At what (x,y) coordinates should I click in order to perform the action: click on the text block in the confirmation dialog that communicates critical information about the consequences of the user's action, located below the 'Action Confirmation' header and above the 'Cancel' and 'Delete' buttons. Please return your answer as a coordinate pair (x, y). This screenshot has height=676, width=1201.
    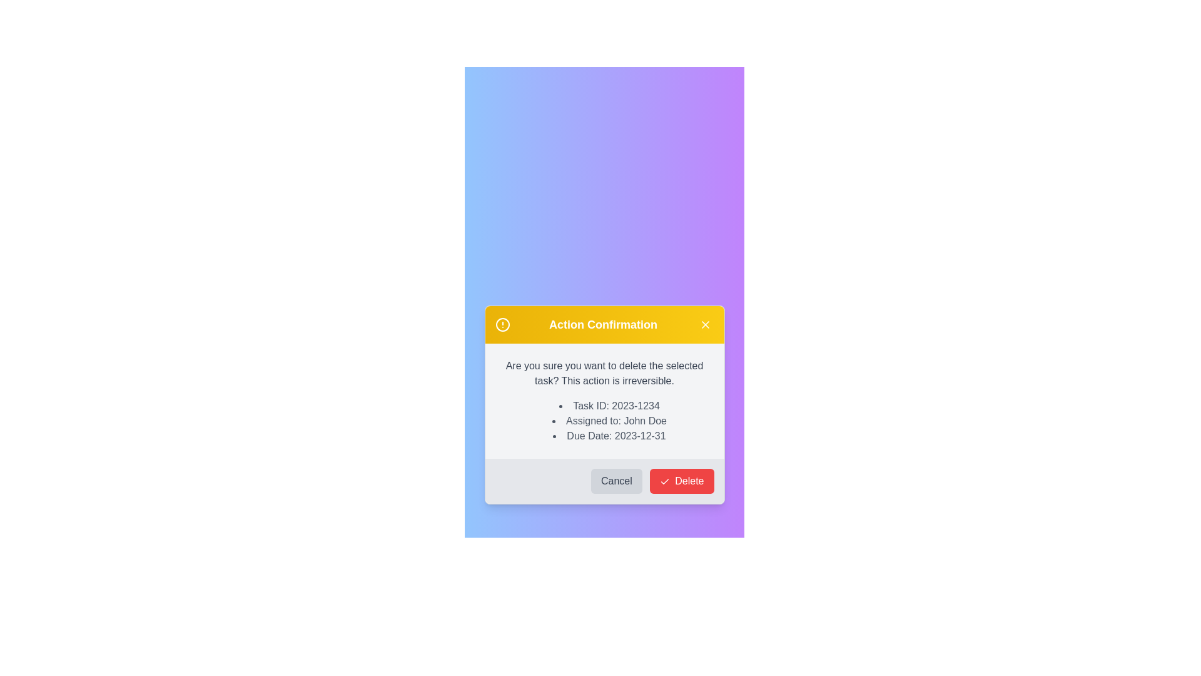
    Looking at the image, I should click on (604, 401).